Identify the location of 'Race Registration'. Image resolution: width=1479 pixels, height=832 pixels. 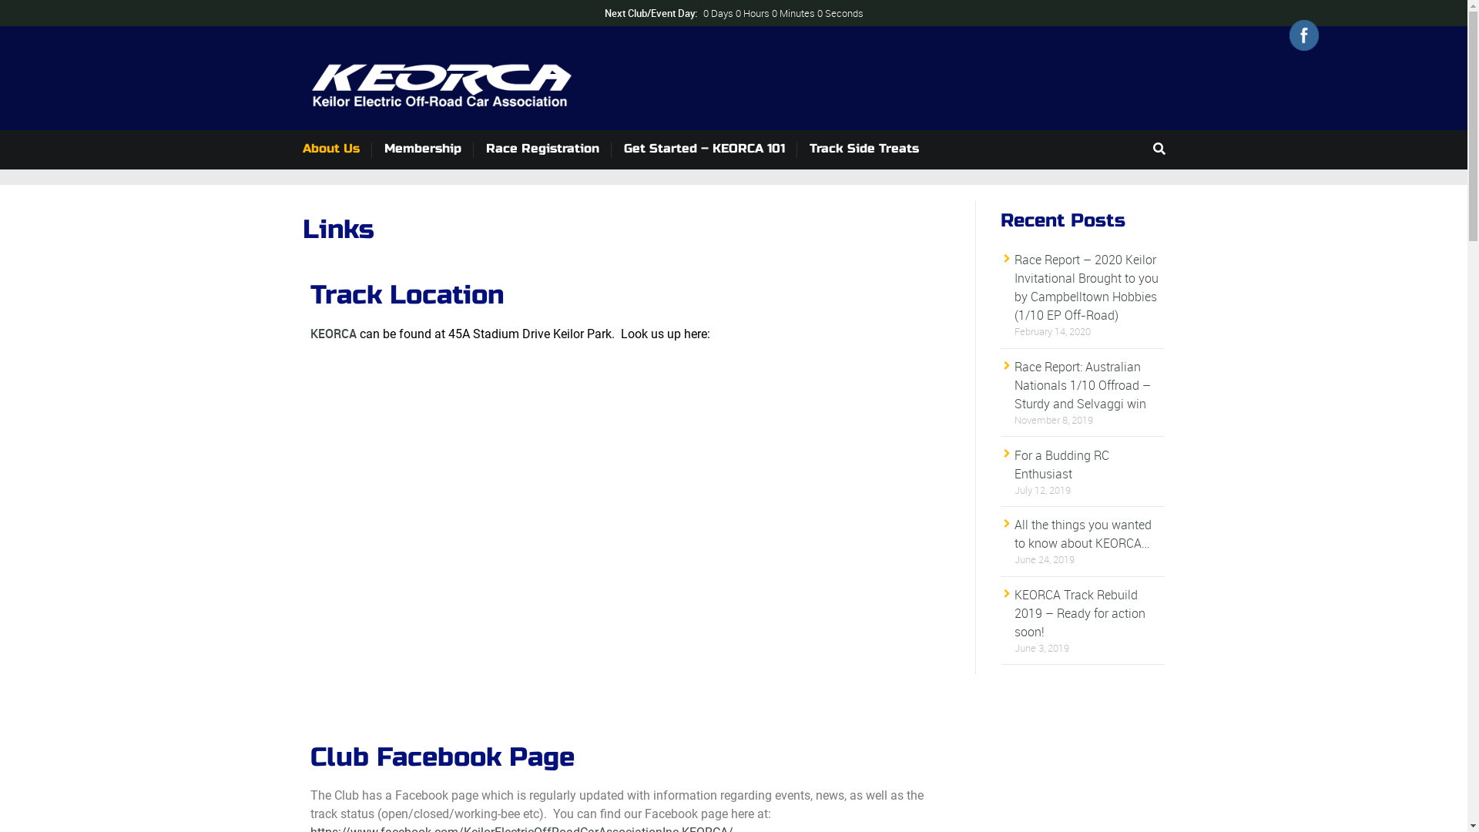
(484, 149).